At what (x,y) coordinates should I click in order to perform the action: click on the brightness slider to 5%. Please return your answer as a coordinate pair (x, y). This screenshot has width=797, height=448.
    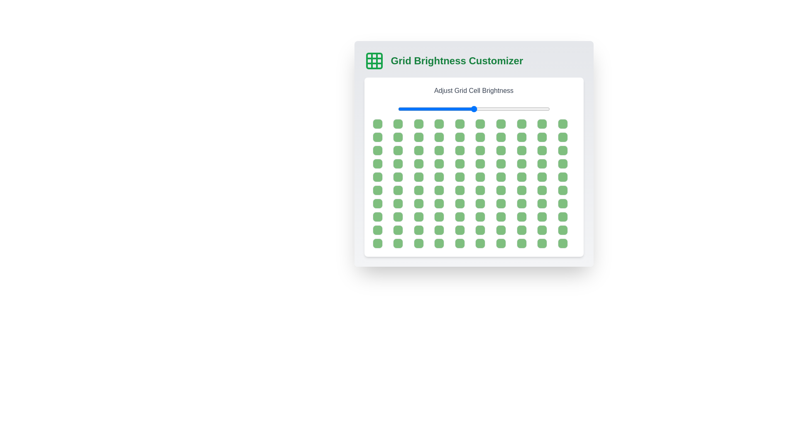
    Looking at the image, I should click on (405, 108).